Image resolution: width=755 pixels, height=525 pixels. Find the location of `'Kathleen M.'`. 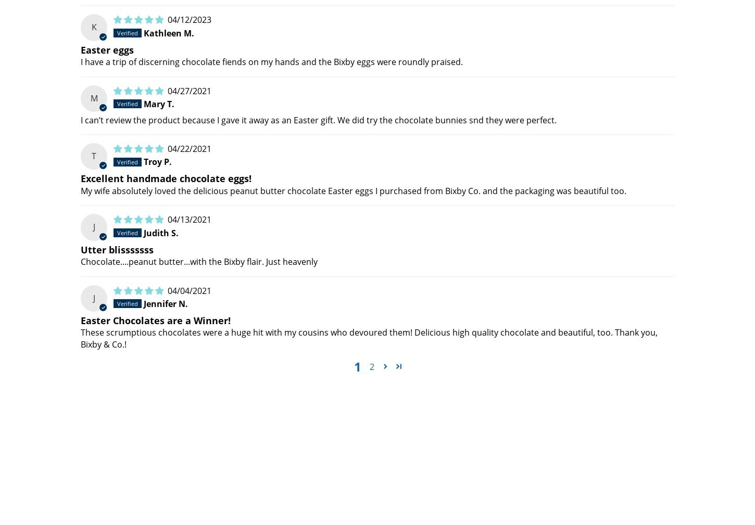

'Kathleen M.' is located at coordinates (169, 32).